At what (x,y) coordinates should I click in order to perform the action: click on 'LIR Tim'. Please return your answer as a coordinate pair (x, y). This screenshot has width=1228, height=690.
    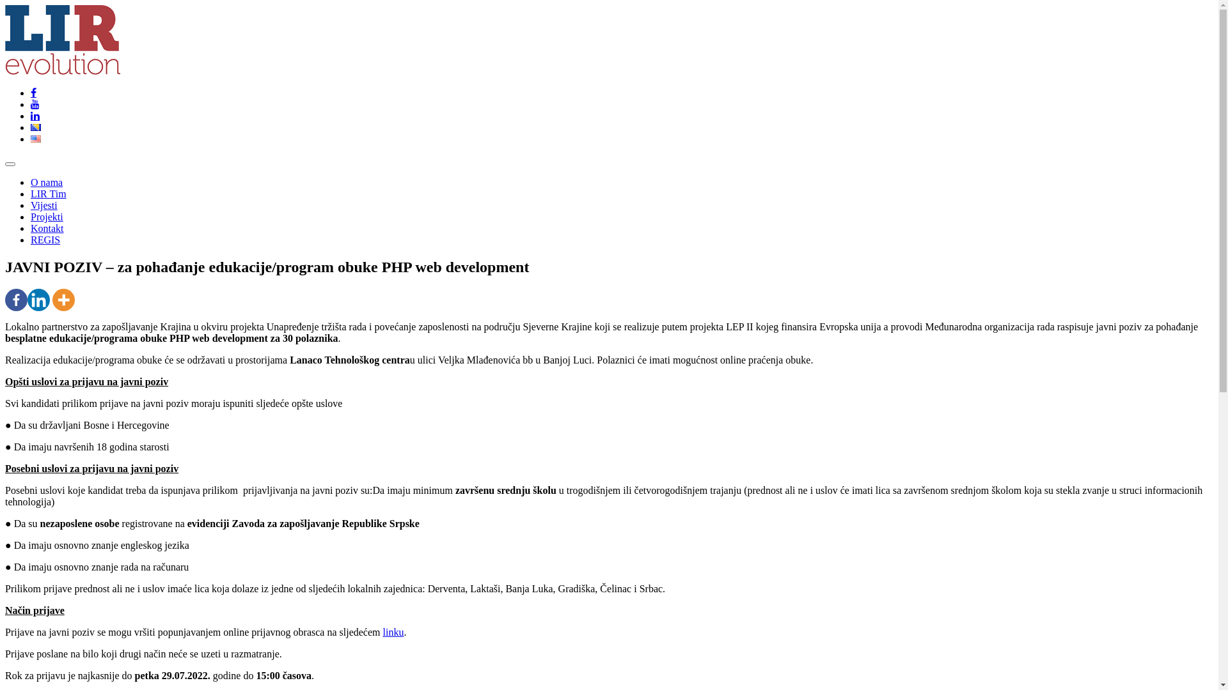
    Looking at the image, I should click on (49, 194).